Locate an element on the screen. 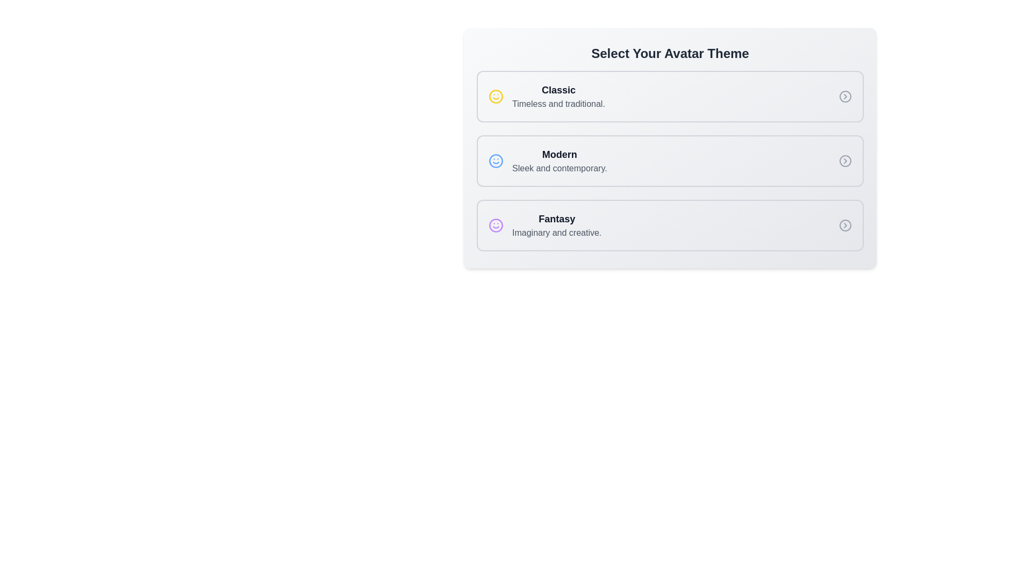  to select the 'Classic' avatar theme from the first selectable list item, which features bold dark gray text 'Classic' and a description 'Timeless and traditional.' in lighter gray is located at coordinates (558, 97).